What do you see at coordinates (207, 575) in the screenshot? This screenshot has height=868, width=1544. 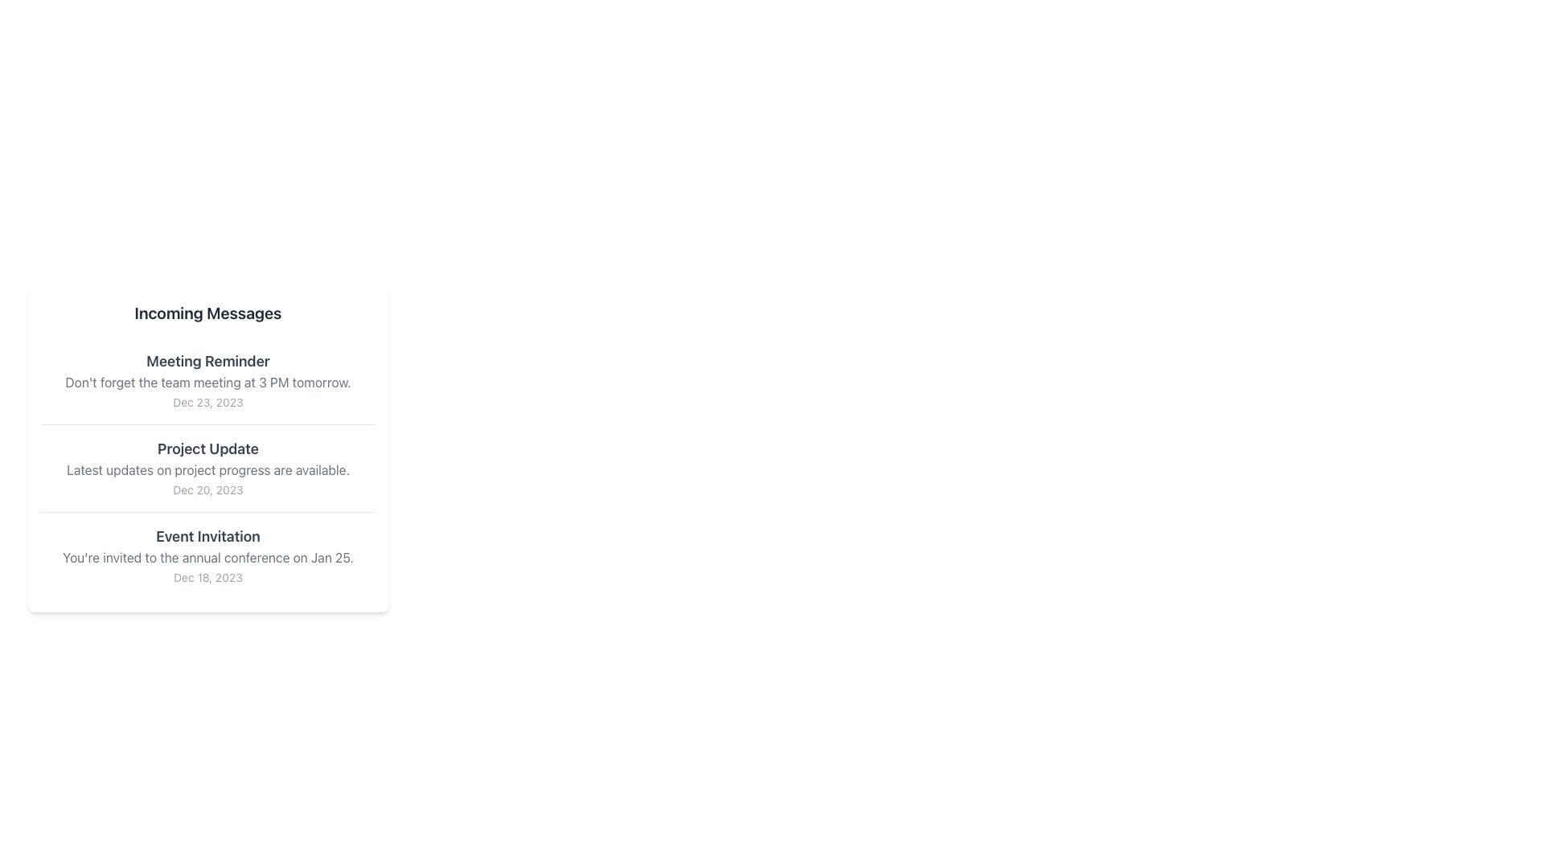 I see `the date label located at the bottom of the 'Event Invitation' section, beneath the sentence 'You're invited to the annual conference on Jan 25.'` at bounding box center [207, 575].